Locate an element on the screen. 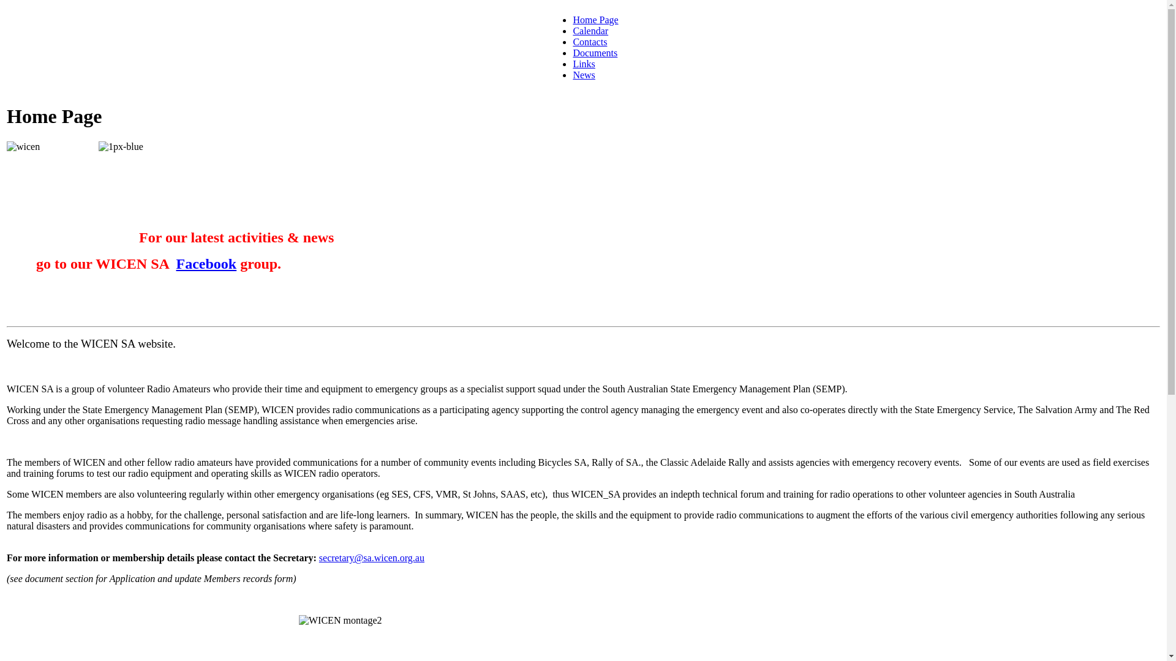  'Facebook' is located at coordinates (206, 263).